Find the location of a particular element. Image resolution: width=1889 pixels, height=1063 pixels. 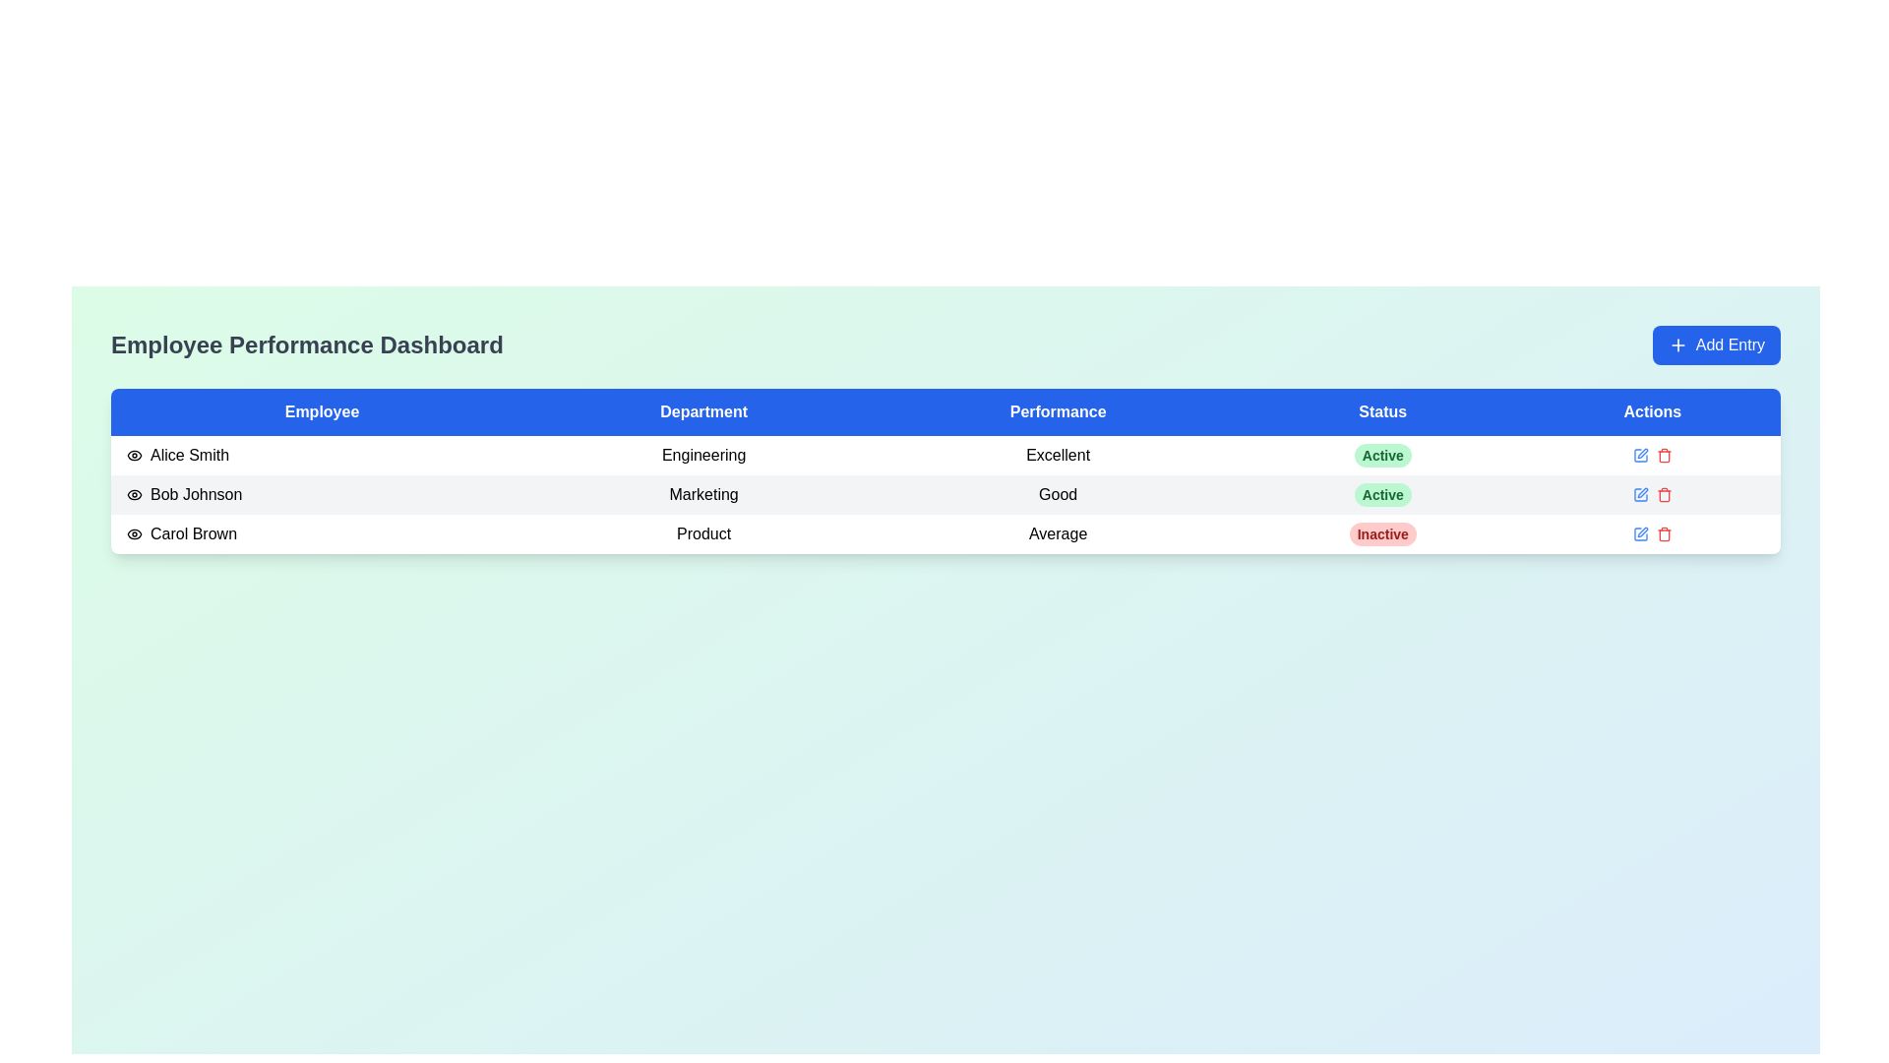

the 'Active' badge in the status column of the second row for 'Bob Johnson', which is a pill-shaped badge with bold green text on a light green background is located at coordinates (1381, 493).